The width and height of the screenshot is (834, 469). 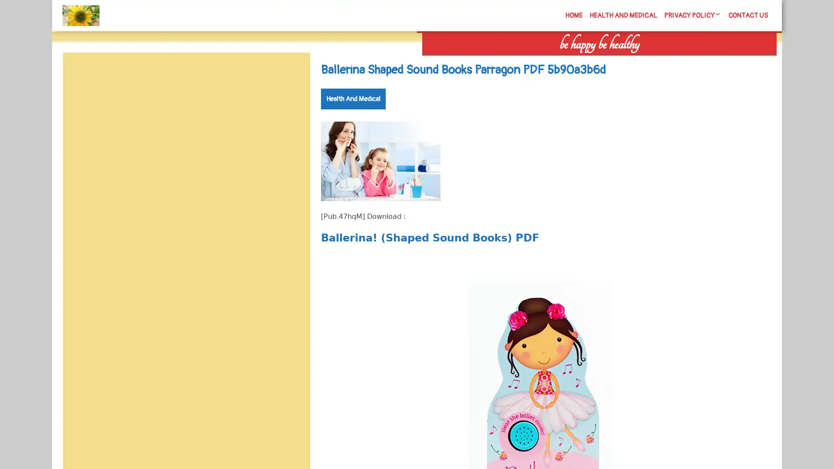 What do you see at coordinates (676, 61) in the screenshot?
I see `Search` at bounding box center [676, 61].